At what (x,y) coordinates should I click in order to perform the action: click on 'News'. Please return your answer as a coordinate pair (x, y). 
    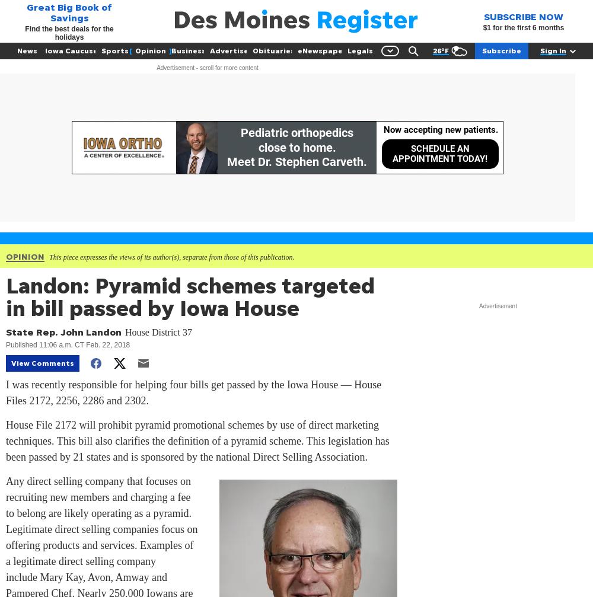
    Looking at the image, I should click on (27, 50).